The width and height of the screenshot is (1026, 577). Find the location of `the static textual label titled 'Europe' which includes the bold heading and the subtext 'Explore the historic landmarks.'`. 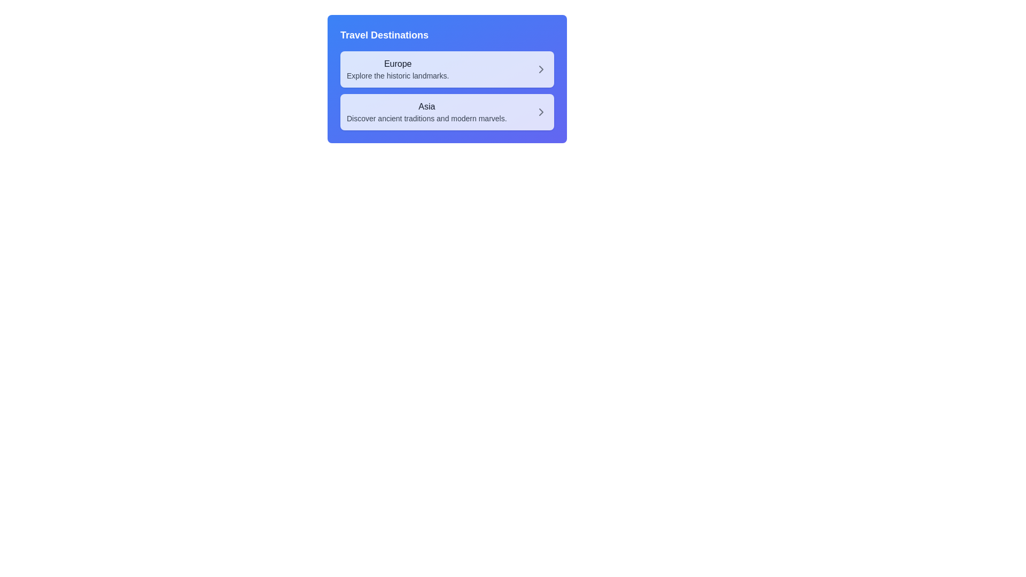

the static textual label titled 'Europe' which includes the bold heading and the subtext 'Explore the historic landmarks.' is located at coordinates (397, 69).